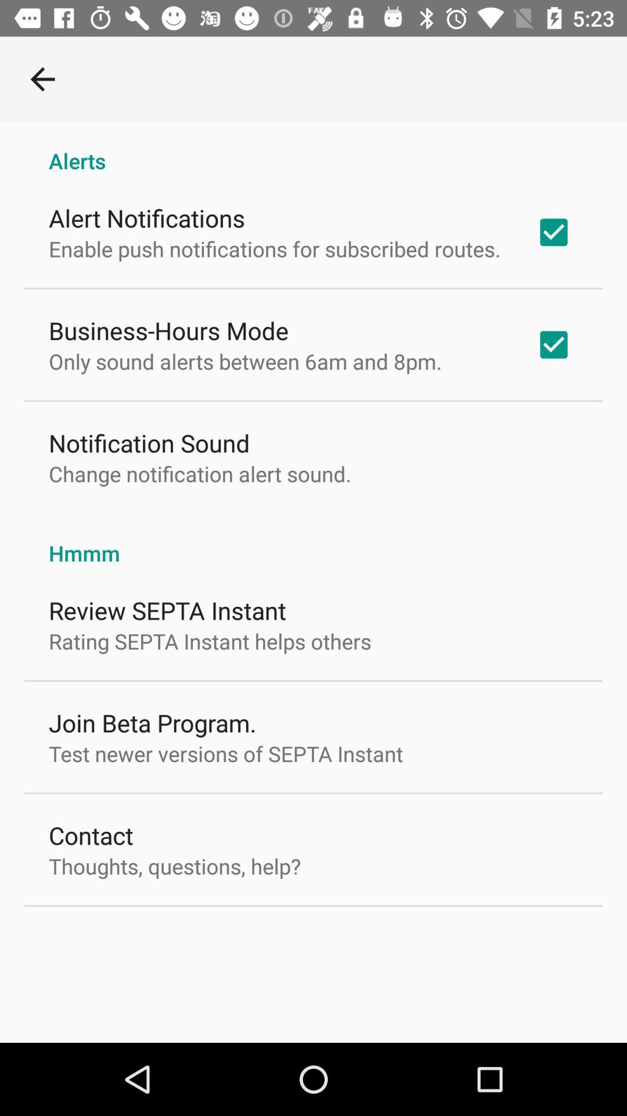  What do you see at coordinates (275, 248) in the screenshot?
I see `item below alert notifications icon` at bounding box center [275, 248].